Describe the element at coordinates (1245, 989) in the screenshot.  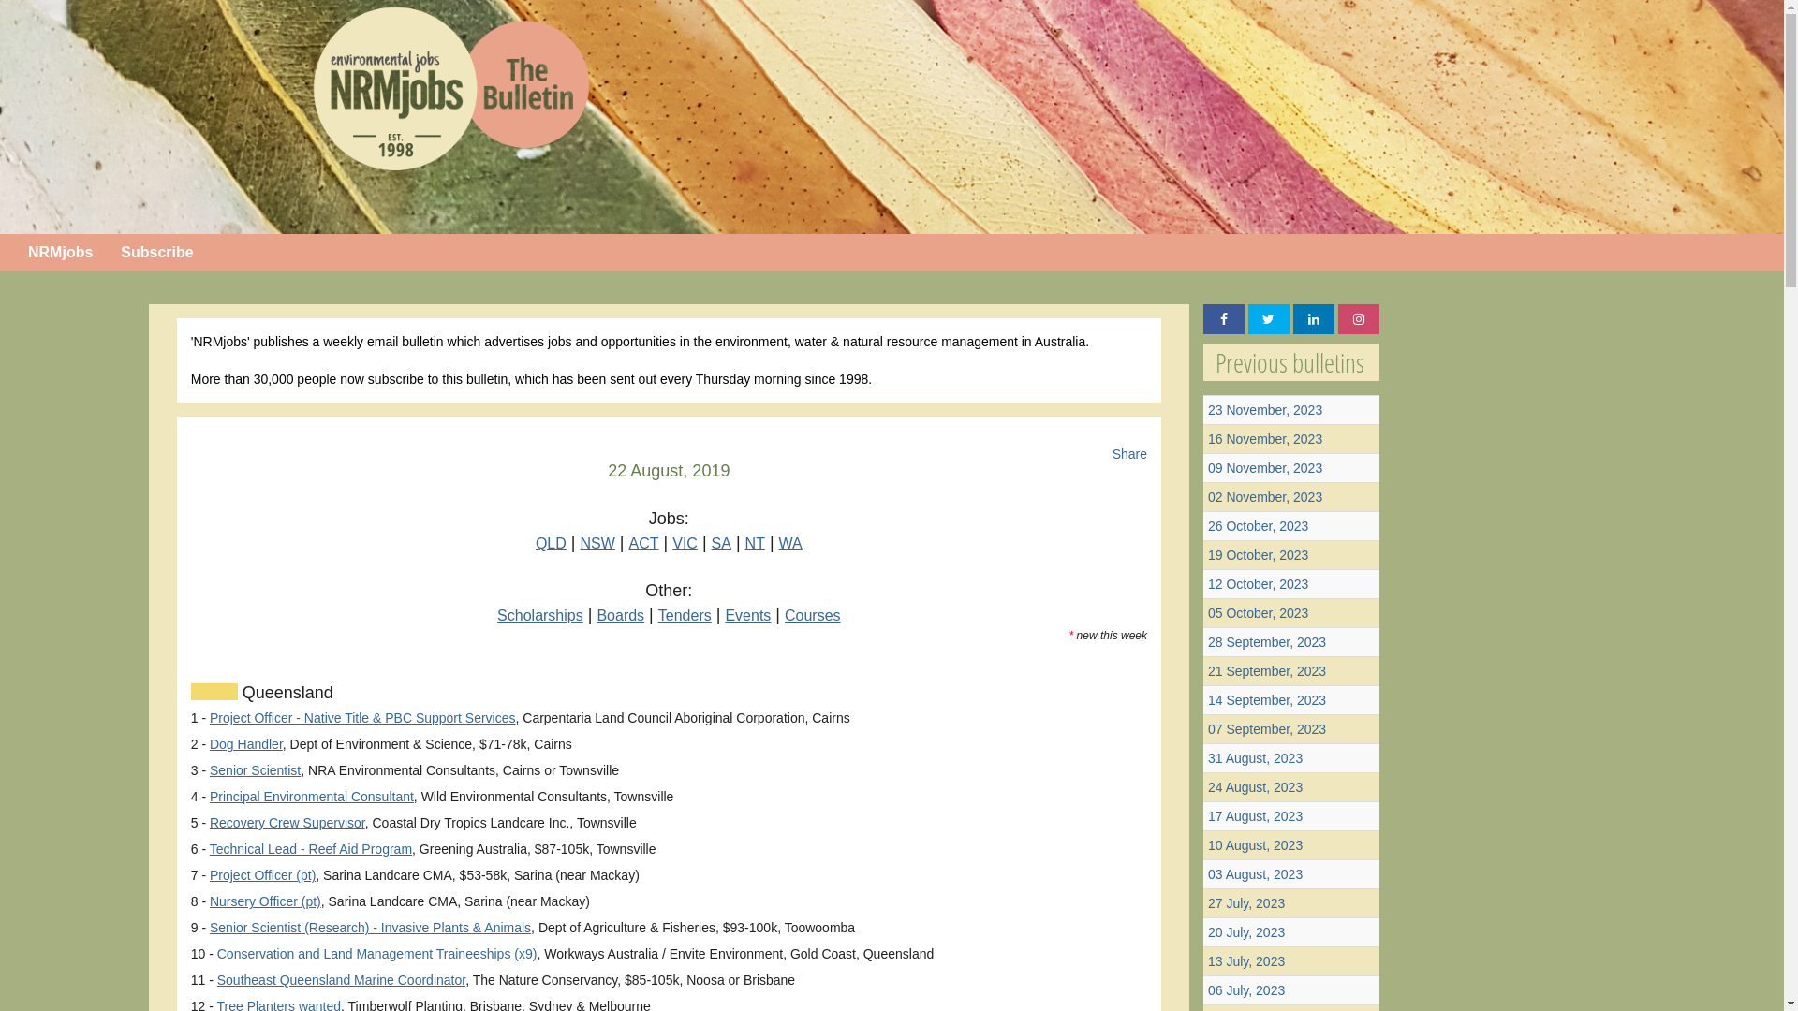
I see `'06 July, 2023'` at that location.